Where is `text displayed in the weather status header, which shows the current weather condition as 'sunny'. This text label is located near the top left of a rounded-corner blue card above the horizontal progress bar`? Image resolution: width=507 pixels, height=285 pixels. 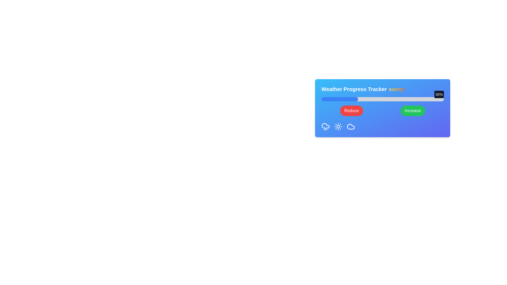
text displayed in the weather status header, which shows the current weather condition as 'sunny'. This text label is located near the top left of a rounded-corner blue card above the horizontal progress bar is located at coordinates (383, 89).